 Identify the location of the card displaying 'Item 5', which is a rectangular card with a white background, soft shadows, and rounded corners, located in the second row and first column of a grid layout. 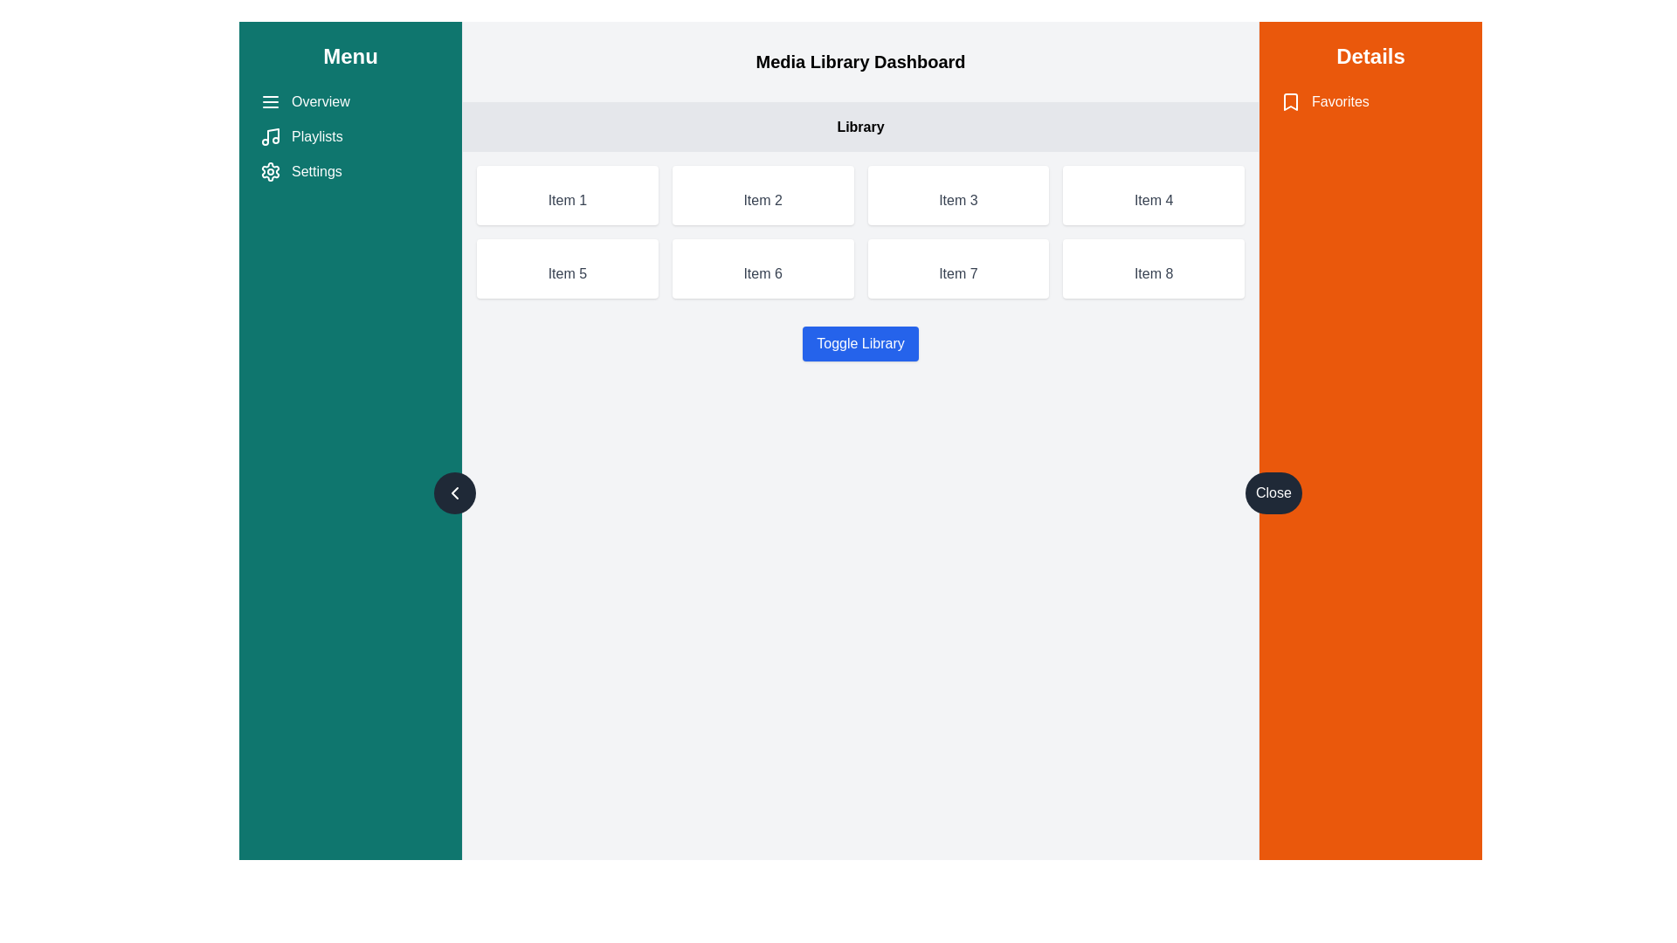
(567, 269).